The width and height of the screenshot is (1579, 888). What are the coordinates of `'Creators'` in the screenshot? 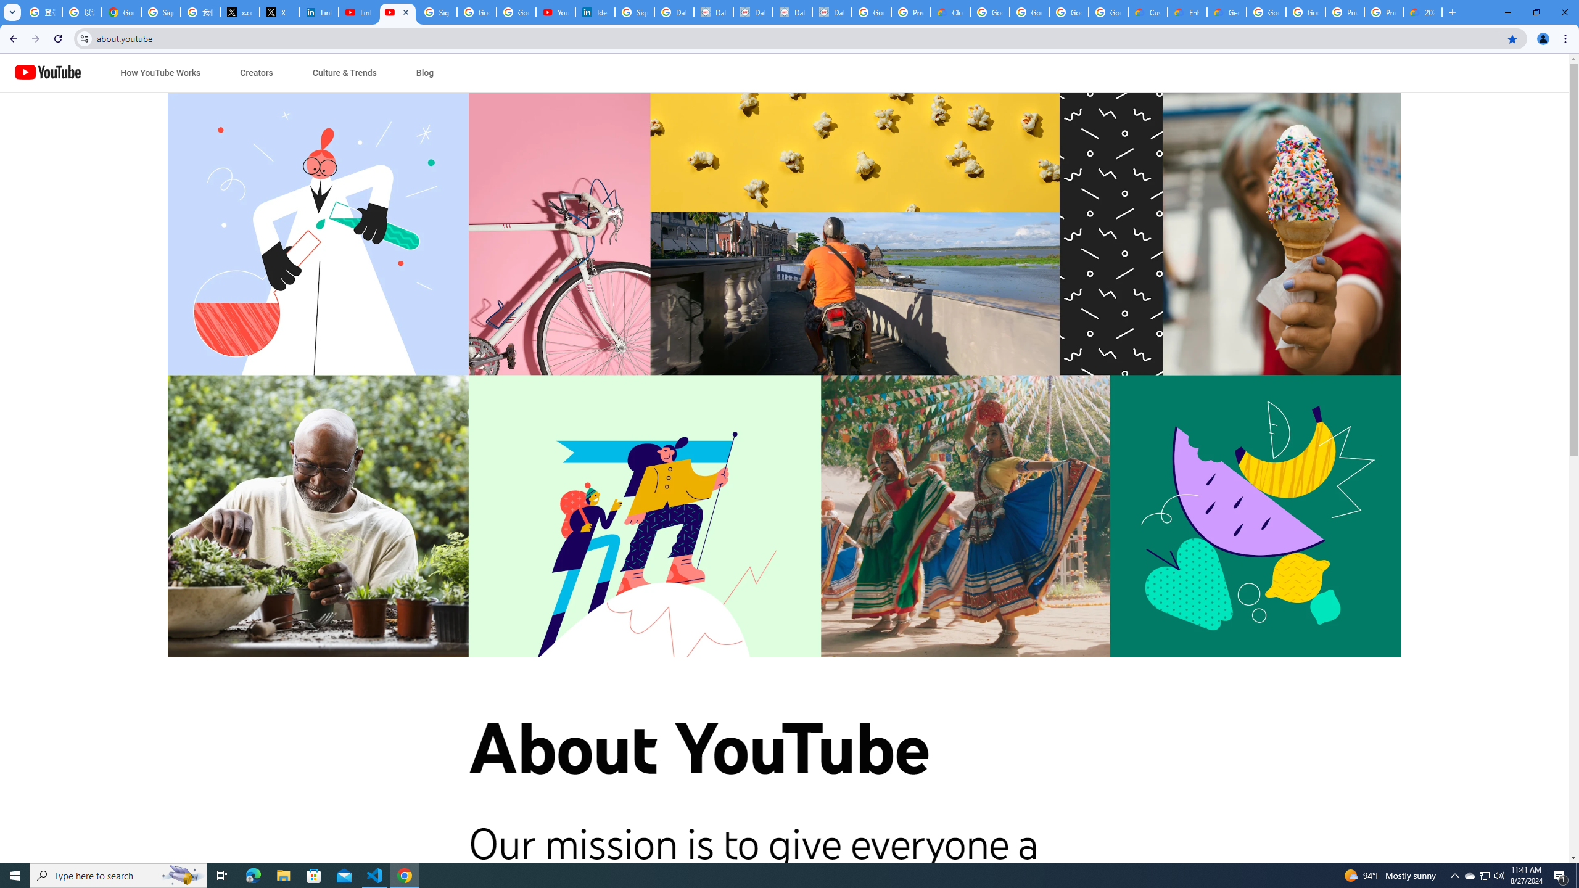 It's located at (256, 73).